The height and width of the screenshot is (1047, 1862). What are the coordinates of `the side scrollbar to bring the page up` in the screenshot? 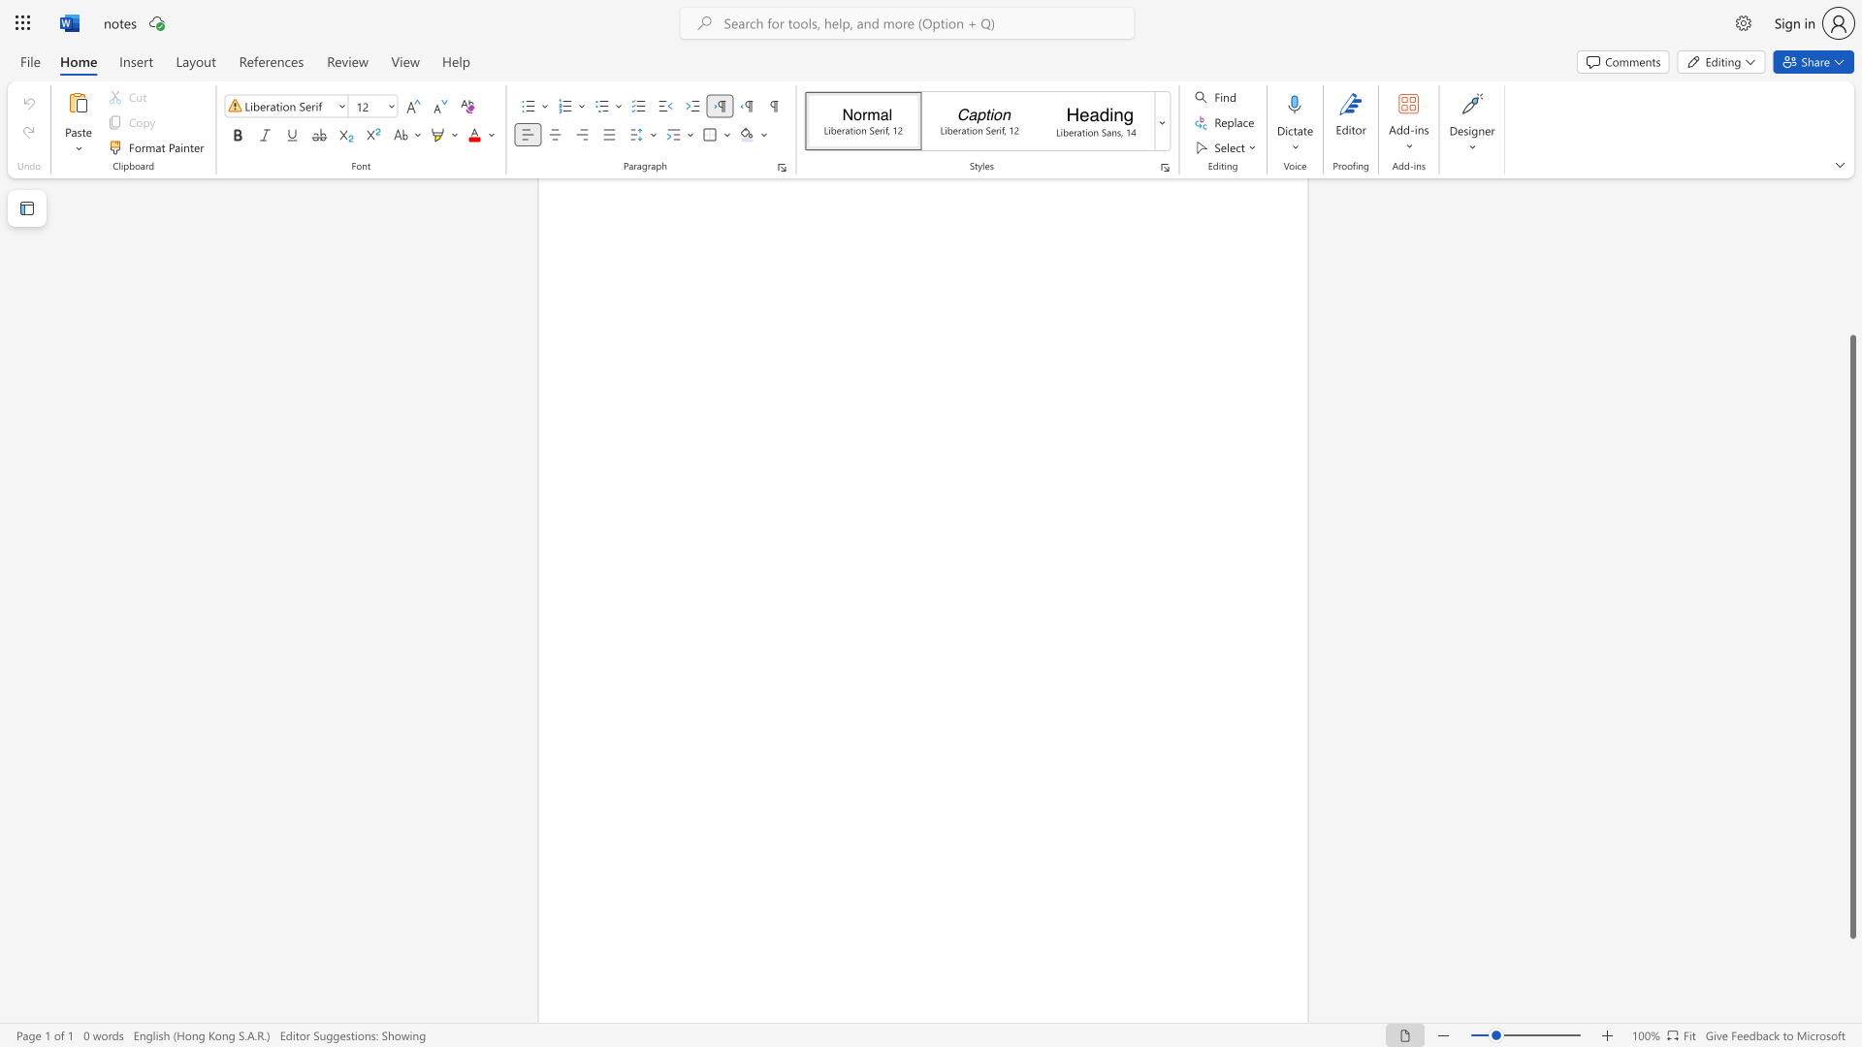 It's located at (1851, 212).